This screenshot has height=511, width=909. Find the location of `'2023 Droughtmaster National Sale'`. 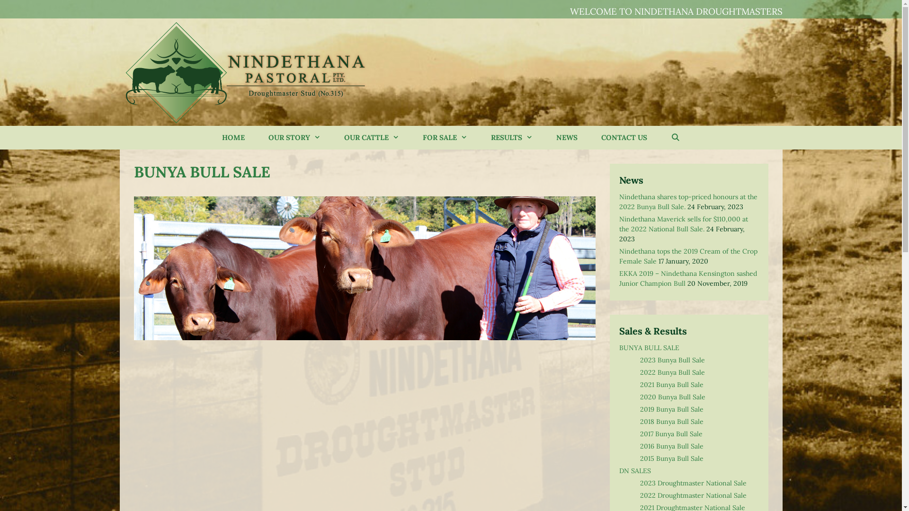

'2023 Droughtmaster National Sale' is located at coordinates (640, 483).